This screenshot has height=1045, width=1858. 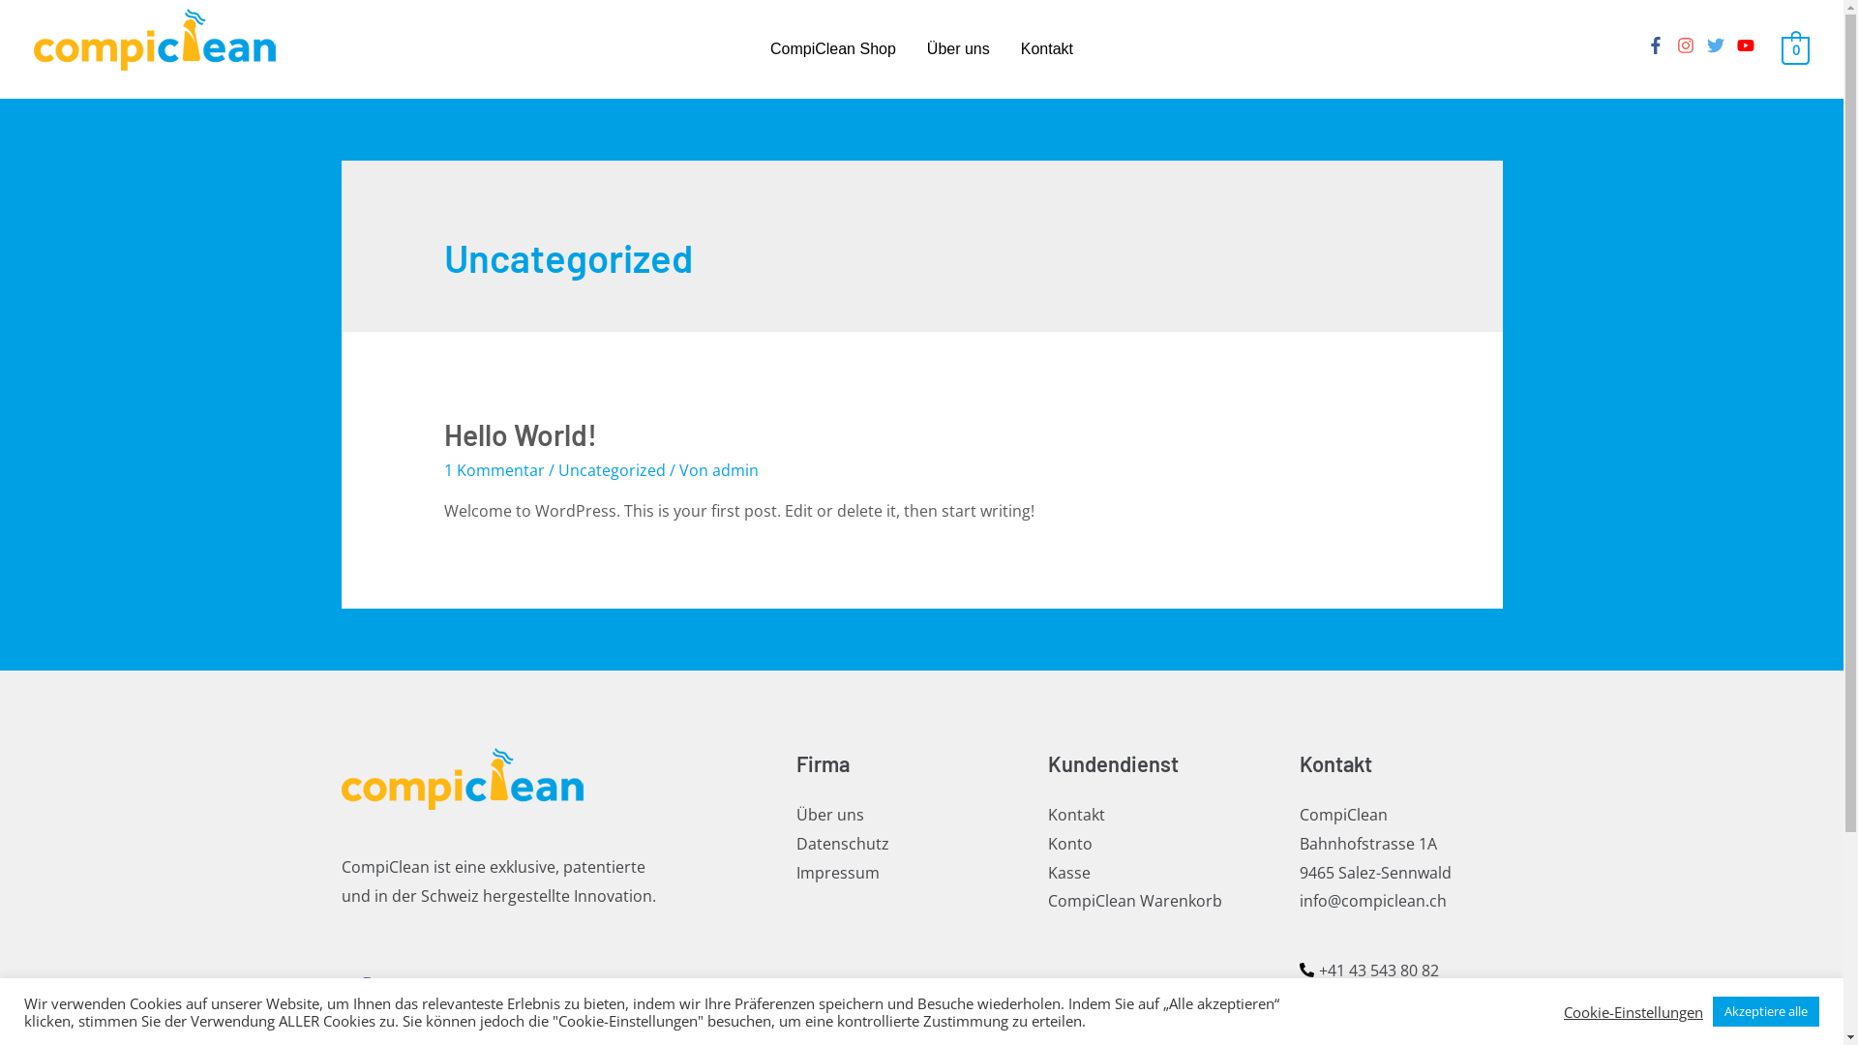 I want to click on 'Uncategorized', so click(x=556, y=470).